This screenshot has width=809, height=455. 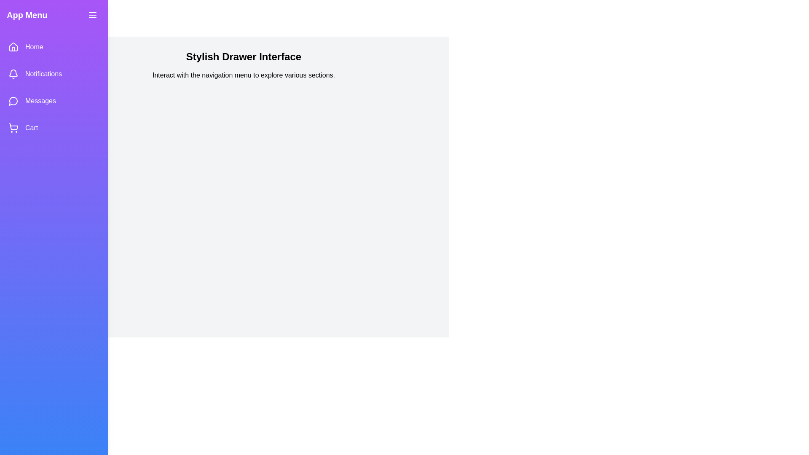 I want to click on the Notifications navigation option from the StylishDrawer menu, so click(x=54, y=74).